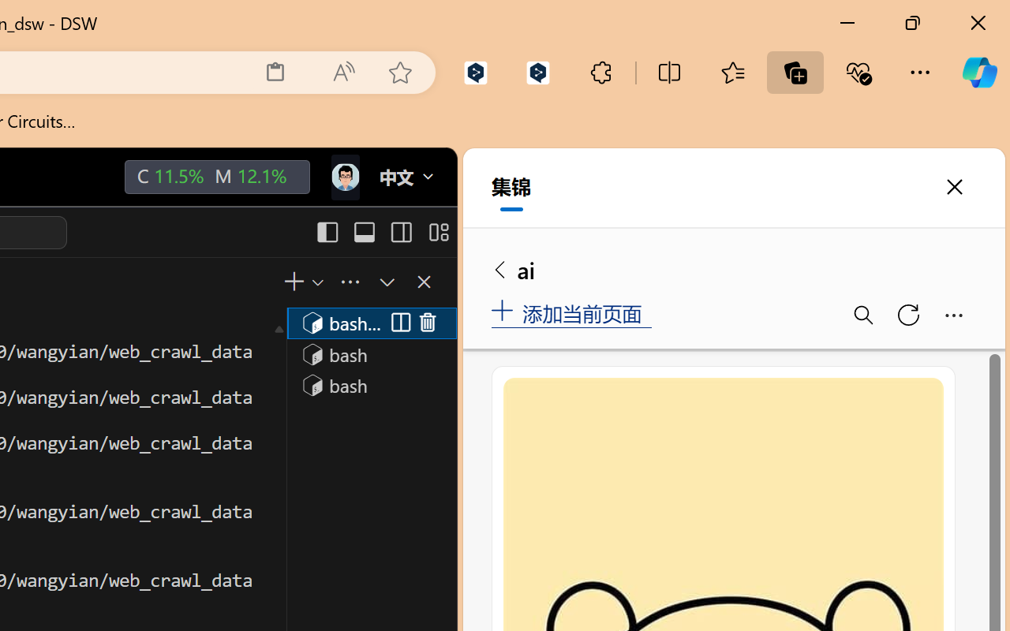 This screenshot has width=1010, height=631. What do you see at coordinates (363, 232) in the screenshot?
I see `'Toggle Panel (Ctrl+J)'` at bounding box center [363, 232].